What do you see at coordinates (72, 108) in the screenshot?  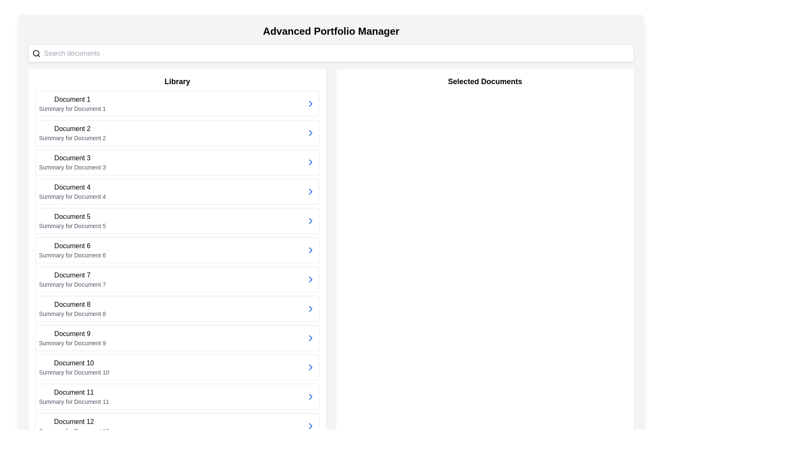 I see `the Text Label displaying 'Summary for Document 1', which is located directly below the title 'Document 1' in the 'Library' section of the application` at bounding box center [72, 108].